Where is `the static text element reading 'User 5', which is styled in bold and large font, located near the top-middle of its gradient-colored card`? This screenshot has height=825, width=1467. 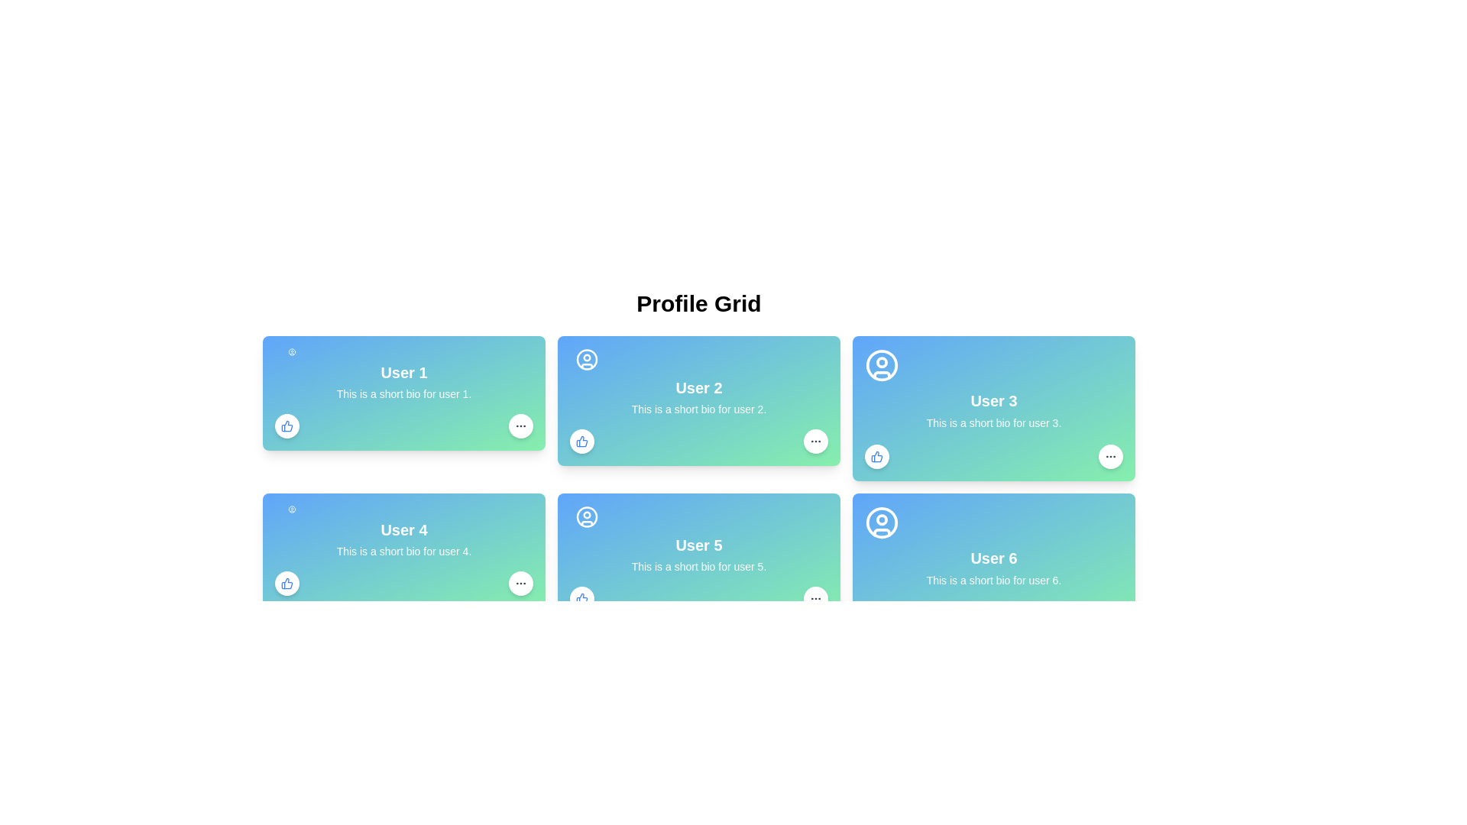
the static text element reading 'User 5', which is styled in bold and large font, located near the top-middle of its gradient-colored card is located at coordinates (698, 544).